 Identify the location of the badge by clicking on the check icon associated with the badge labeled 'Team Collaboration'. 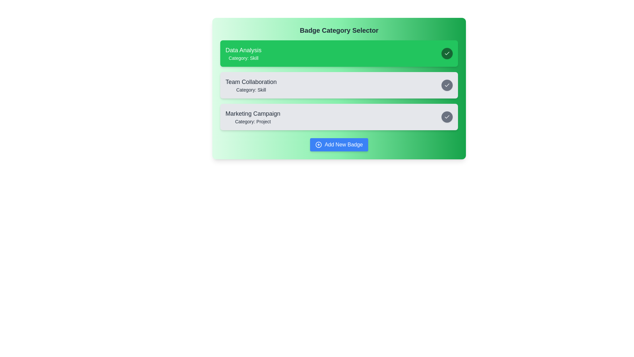
(447, 85).